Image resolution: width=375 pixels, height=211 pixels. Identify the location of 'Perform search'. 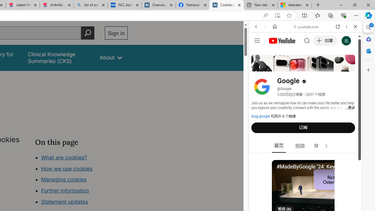
(87, 33).